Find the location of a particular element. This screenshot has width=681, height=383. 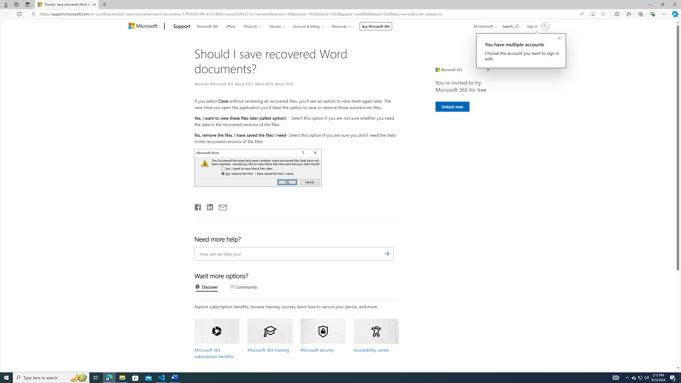

'How can we help you?' is located at coordinates (294, 253).